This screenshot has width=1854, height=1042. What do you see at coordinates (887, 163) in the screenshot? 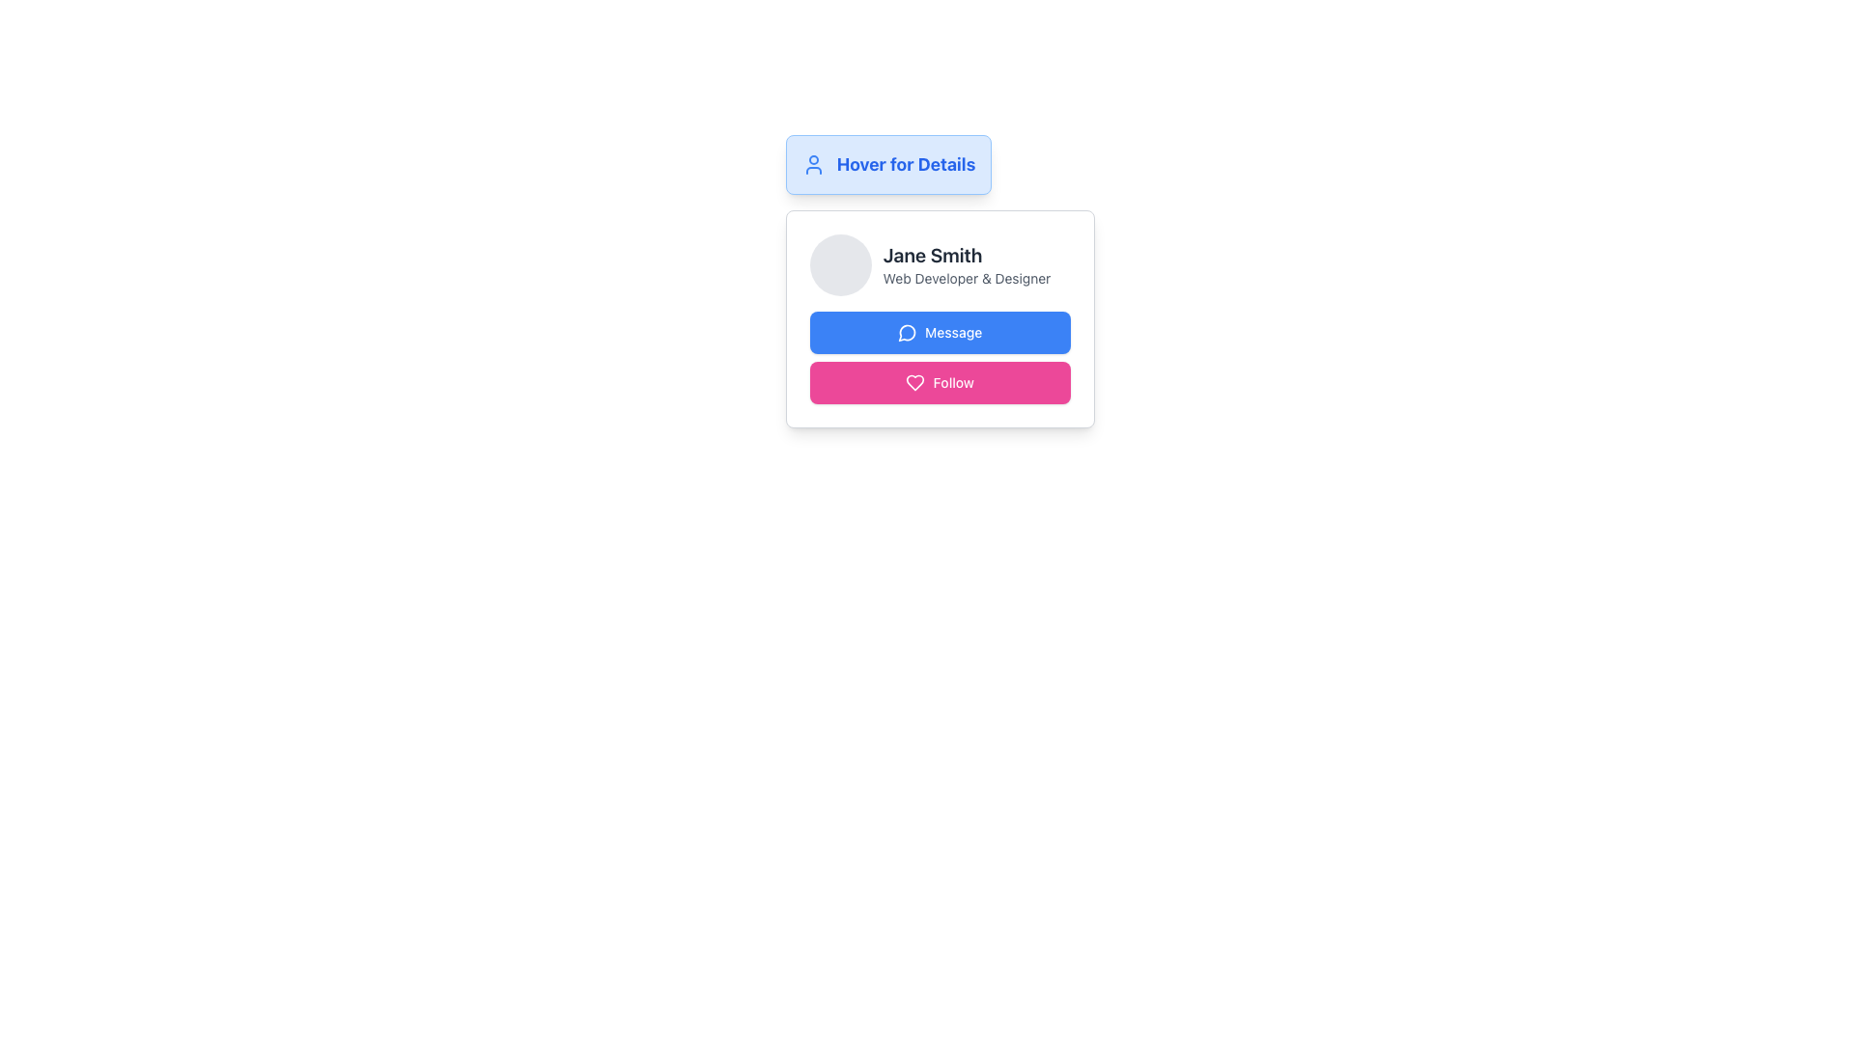
I see `the interactive hoverable section with light blue background and text 'Hover for Details' in bold blue font, located at the top center of the interface` at bounding box center [887, 163].